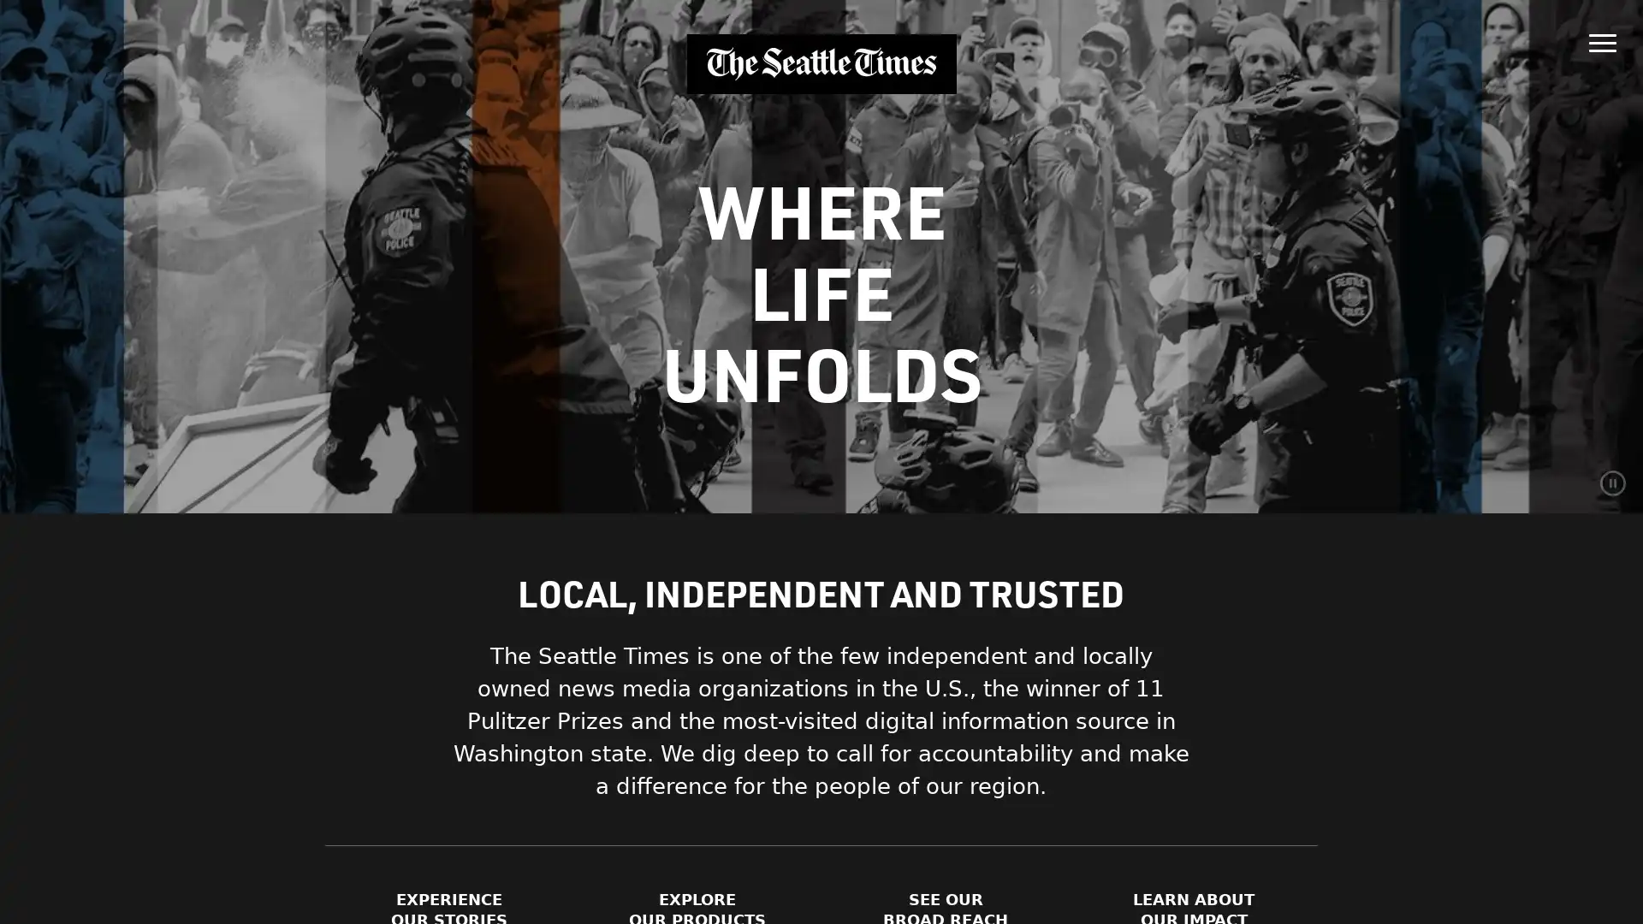 The height and width of the screenshot is (924, 1643). Describe the element at coordinates (1601, 38) in the screenshot. I see `Toggle navigation` at that location.